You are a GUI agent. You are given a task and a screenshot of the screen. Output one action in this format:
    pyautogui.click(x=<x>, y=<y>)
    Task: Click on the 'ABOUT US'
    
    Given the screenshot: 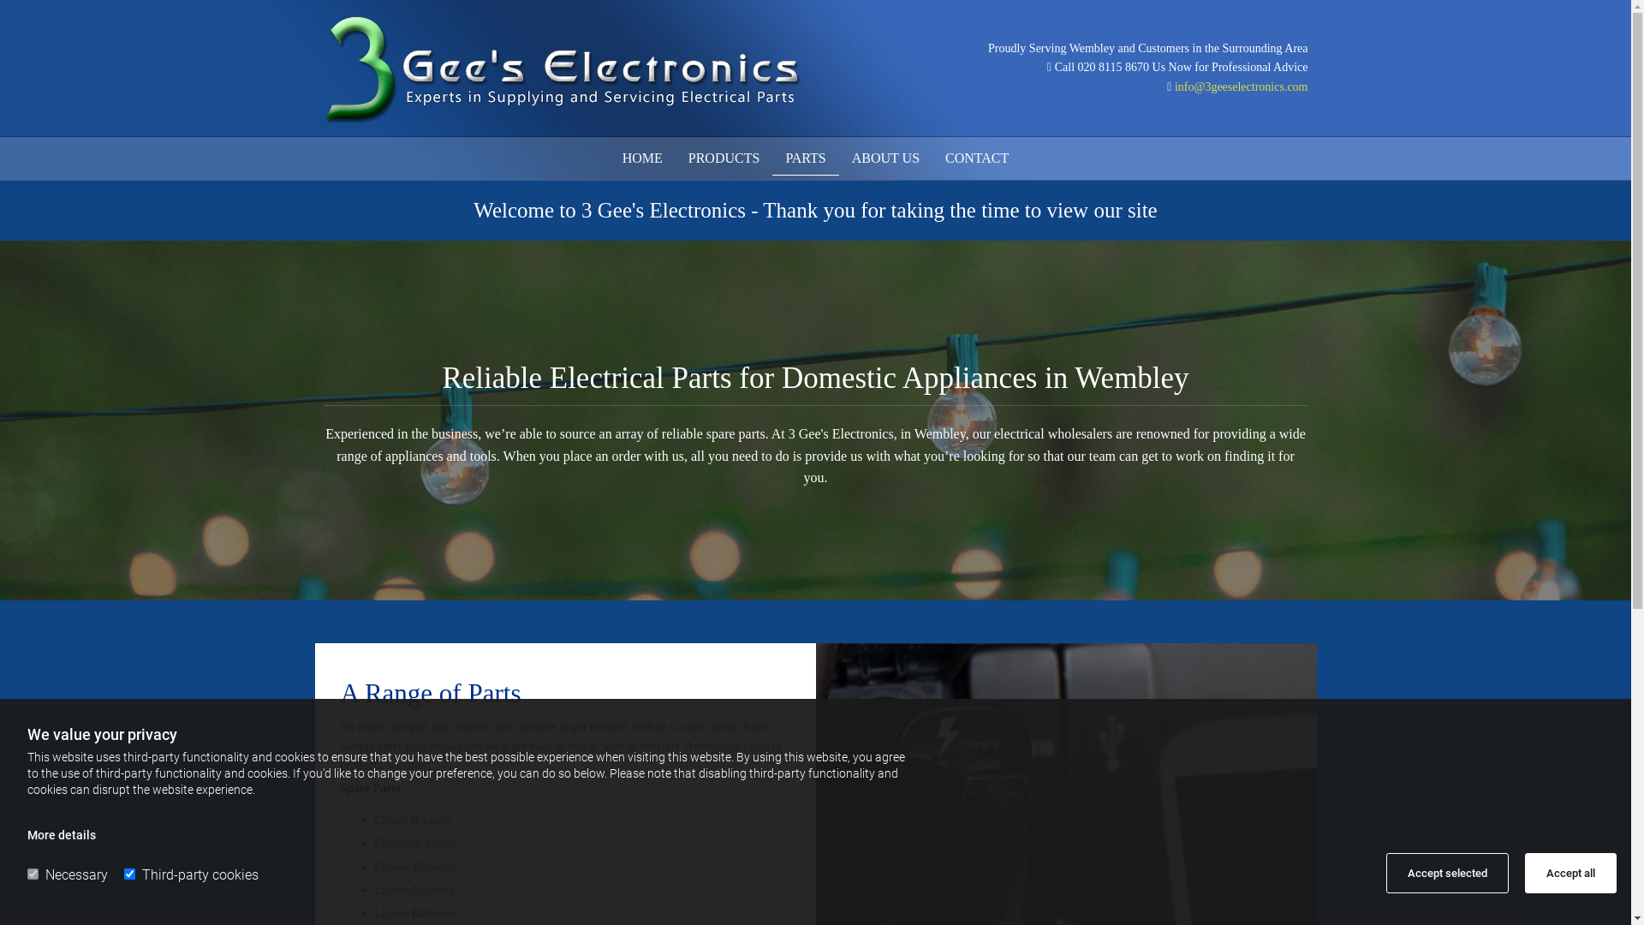 What is the action you would take?
    pyautogui.click(x=838, y=158)
    